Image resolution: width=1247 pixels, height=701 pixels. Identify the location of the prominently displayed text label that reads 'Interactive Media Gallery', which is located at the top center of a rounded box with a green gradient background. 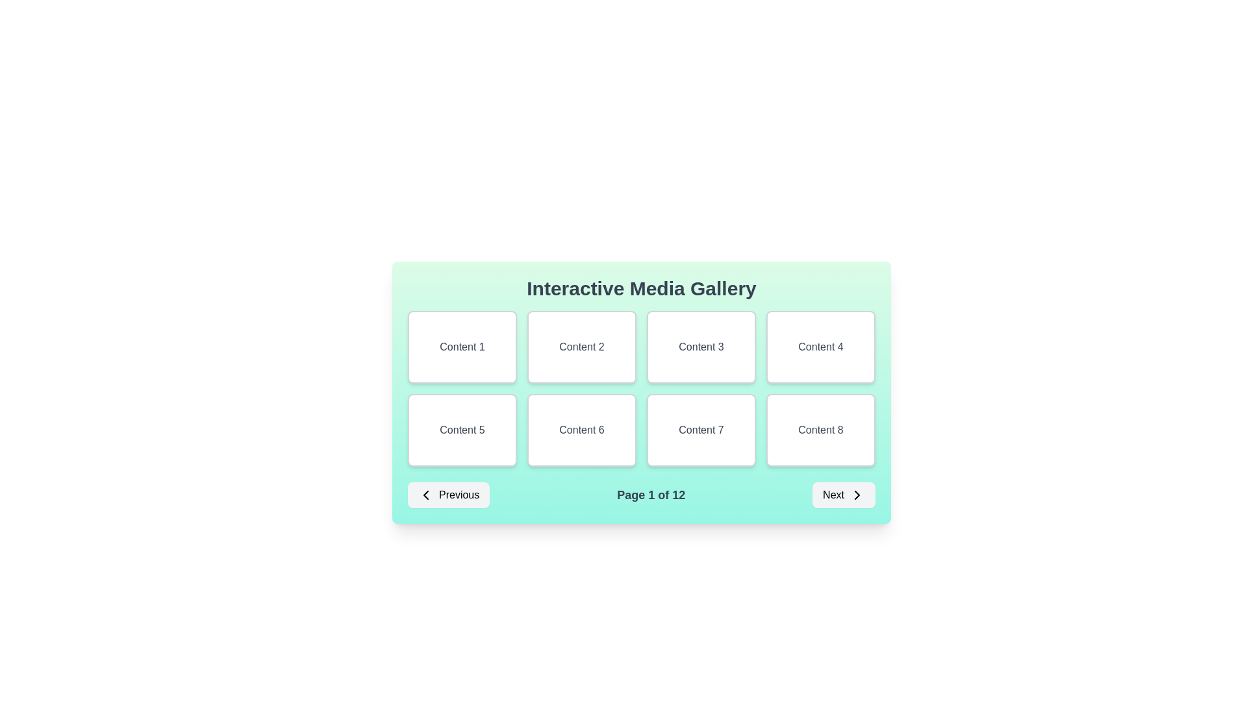
(642, 288).